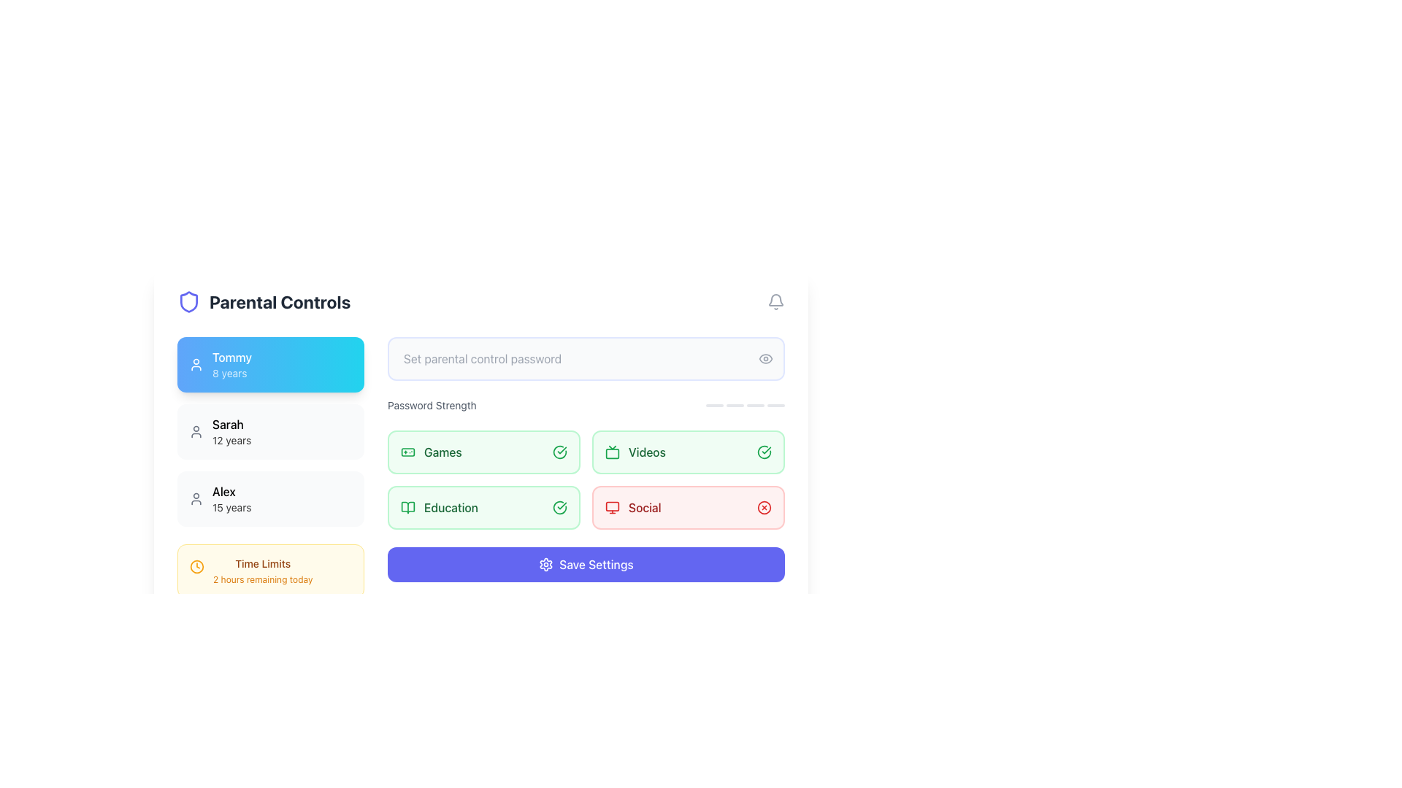  What do you see at coordinates (231, 364) in the screenshot?
I see `information displayed in the text label identifying the user named 'Tommy', which shows his age as '8 years', located beneath the 'Parental Controls' header in the vertical list` at bounding box center [231, 364].